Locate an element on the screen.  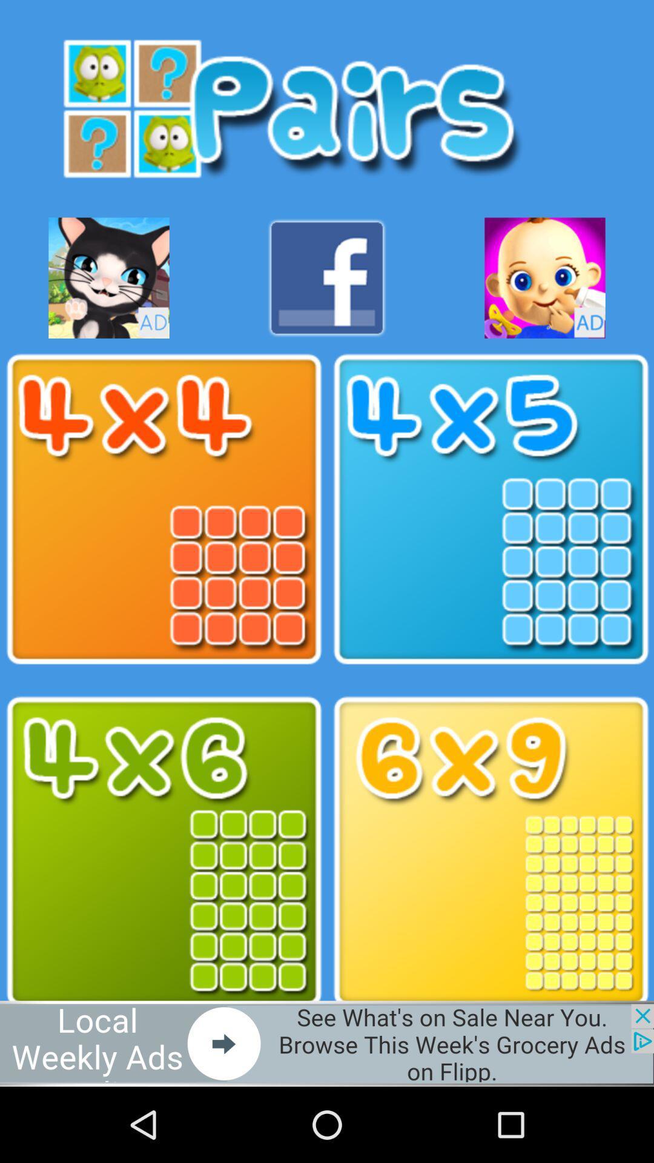
game page is located at coordinates (490, 851).